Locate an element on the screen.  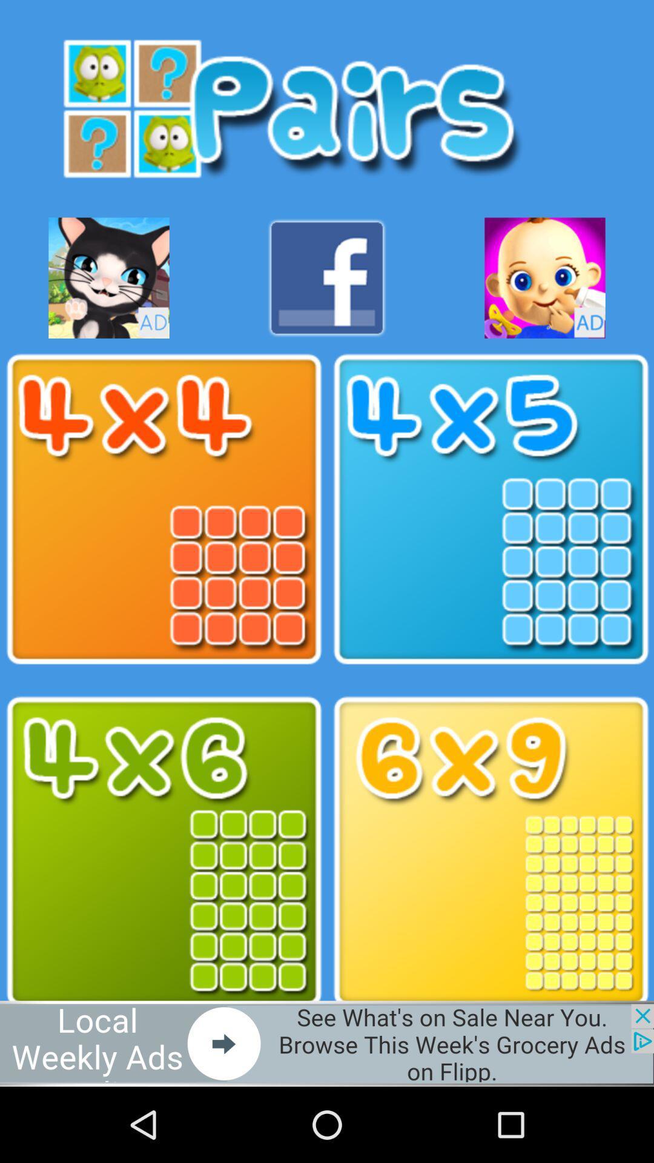
game page is located at coordinates (490, 851).